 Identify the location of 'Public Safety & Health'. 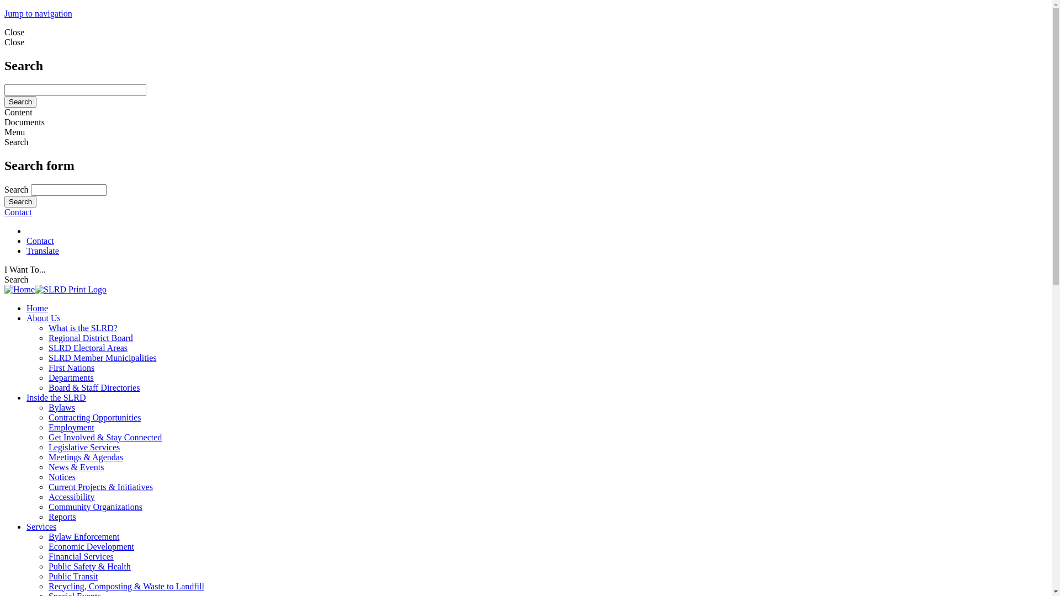
(89, 566).